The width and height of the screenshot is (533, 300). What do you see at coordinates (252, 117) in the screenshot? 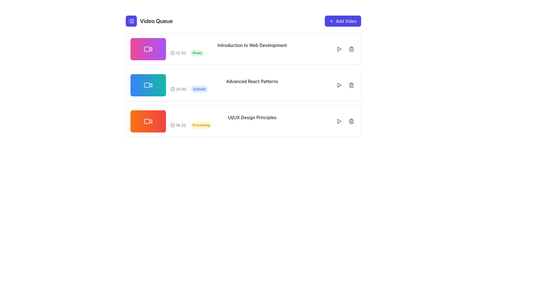
I see `the text label displaying 'UI/UX Design Principles', which is styled with a medium-weight font and gray color, located in the lower section of the interface within the third video row` at bounding box center [252, 117].